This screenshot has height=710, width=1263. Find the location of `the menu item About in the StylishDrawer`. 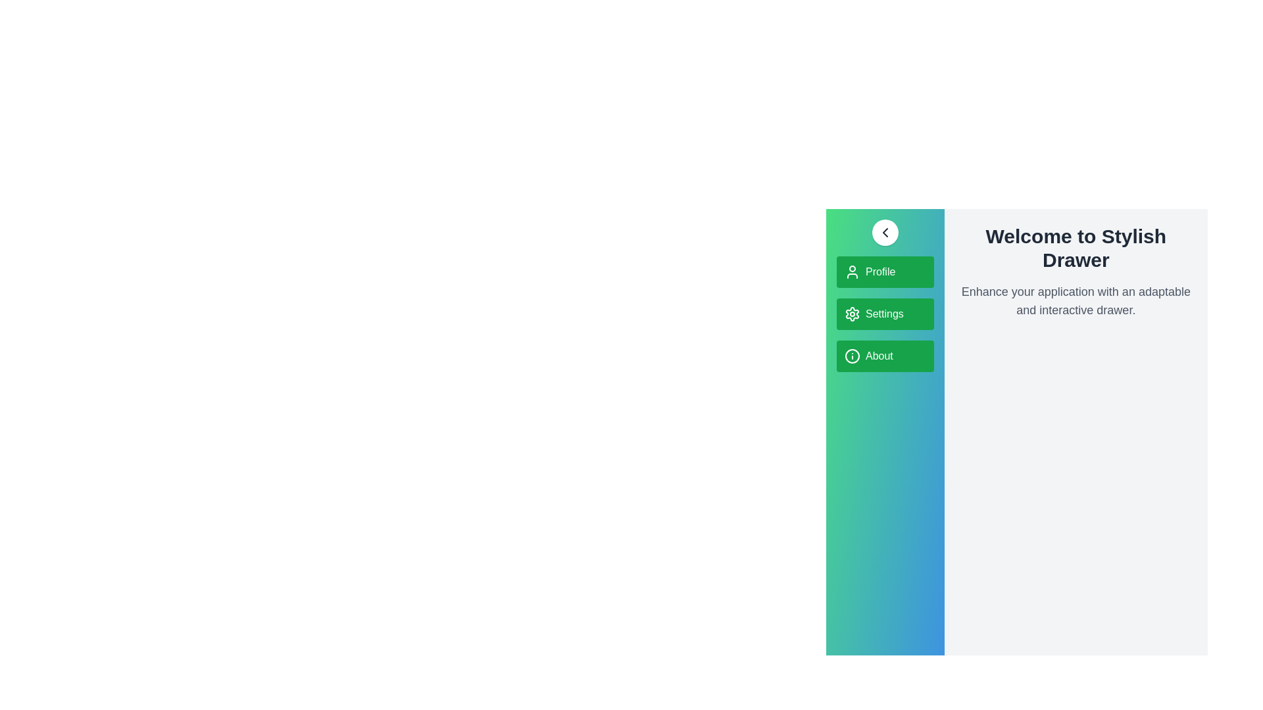

the menu item About in the StylishDrawer is located at coordinates (885, 356).